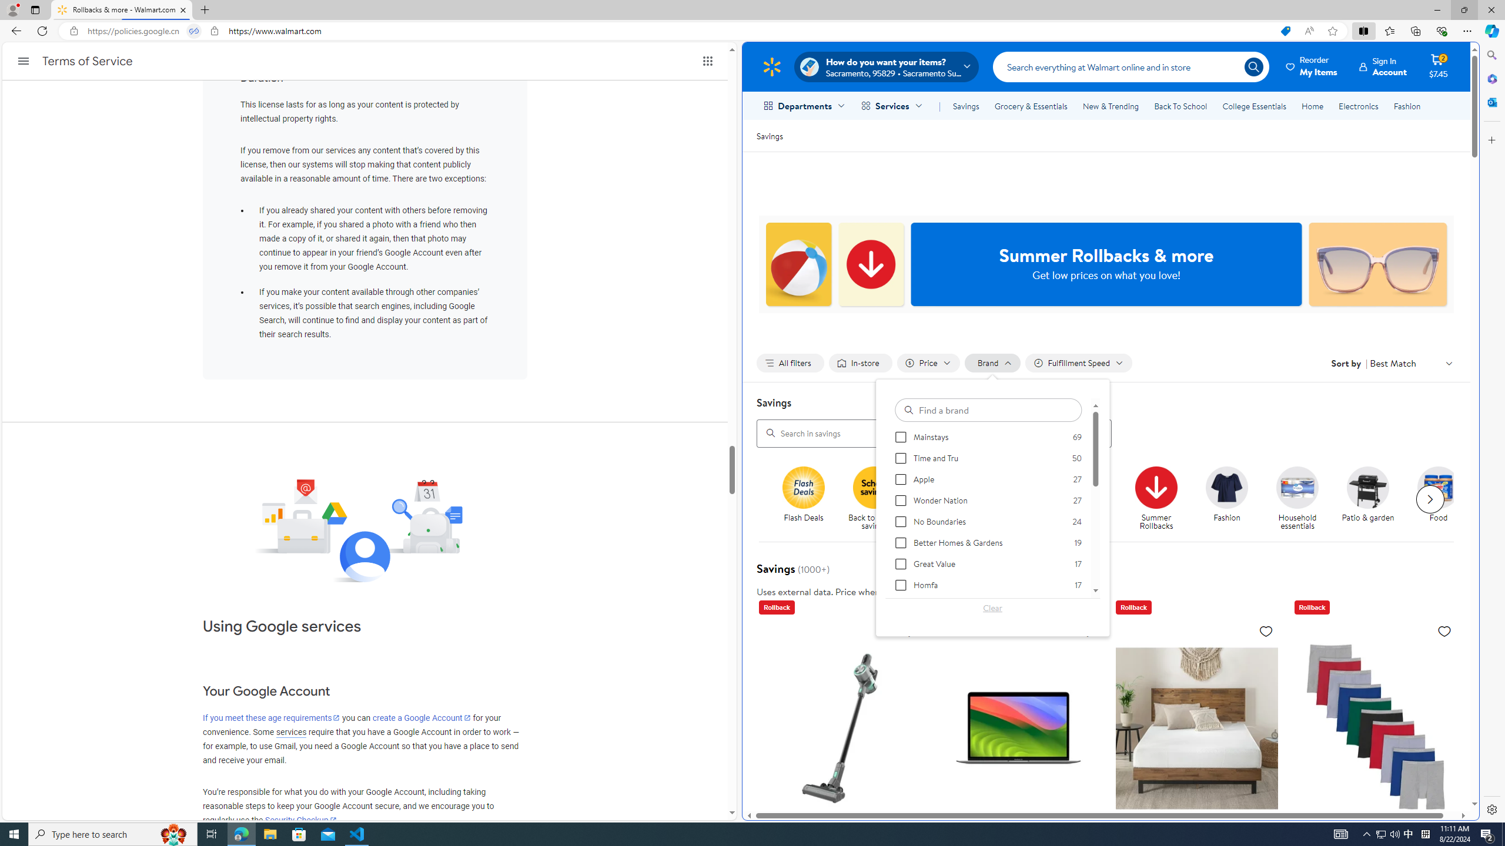  Describe the element at coordinates (1285, 31) in the screenshot. I see `'This site has coupons! Shopping in Microsoft Edge, 7'` at that location.